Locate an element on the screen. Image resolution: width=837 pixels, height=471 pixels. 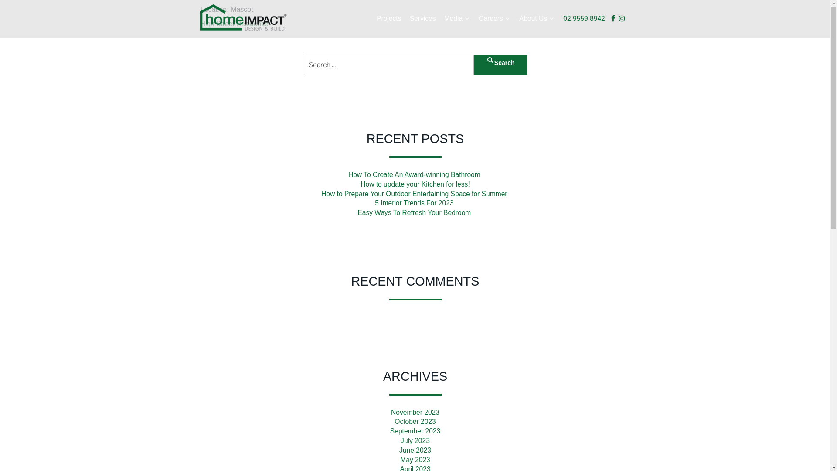
'October 2023' is located at coordinates (415, 421).